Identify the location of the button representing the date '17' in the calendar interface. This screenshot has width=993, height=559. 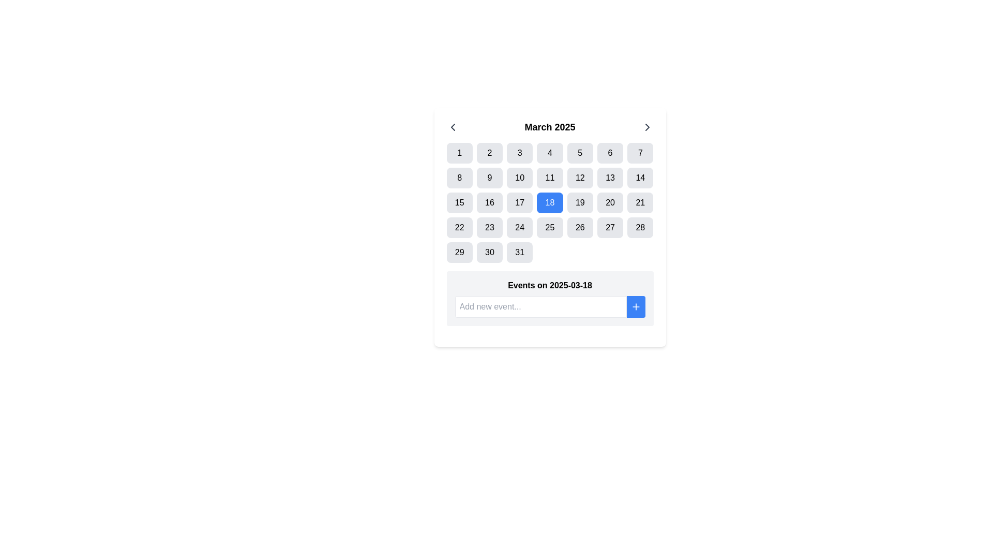
(520, 203).